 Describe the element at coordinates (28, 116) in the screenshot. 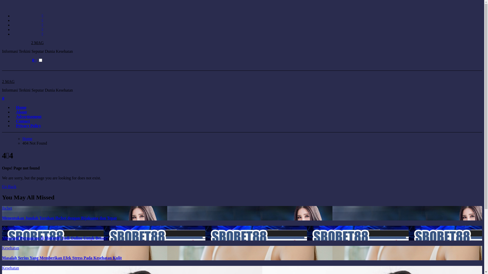

I see `'Advertisement'` at that location.